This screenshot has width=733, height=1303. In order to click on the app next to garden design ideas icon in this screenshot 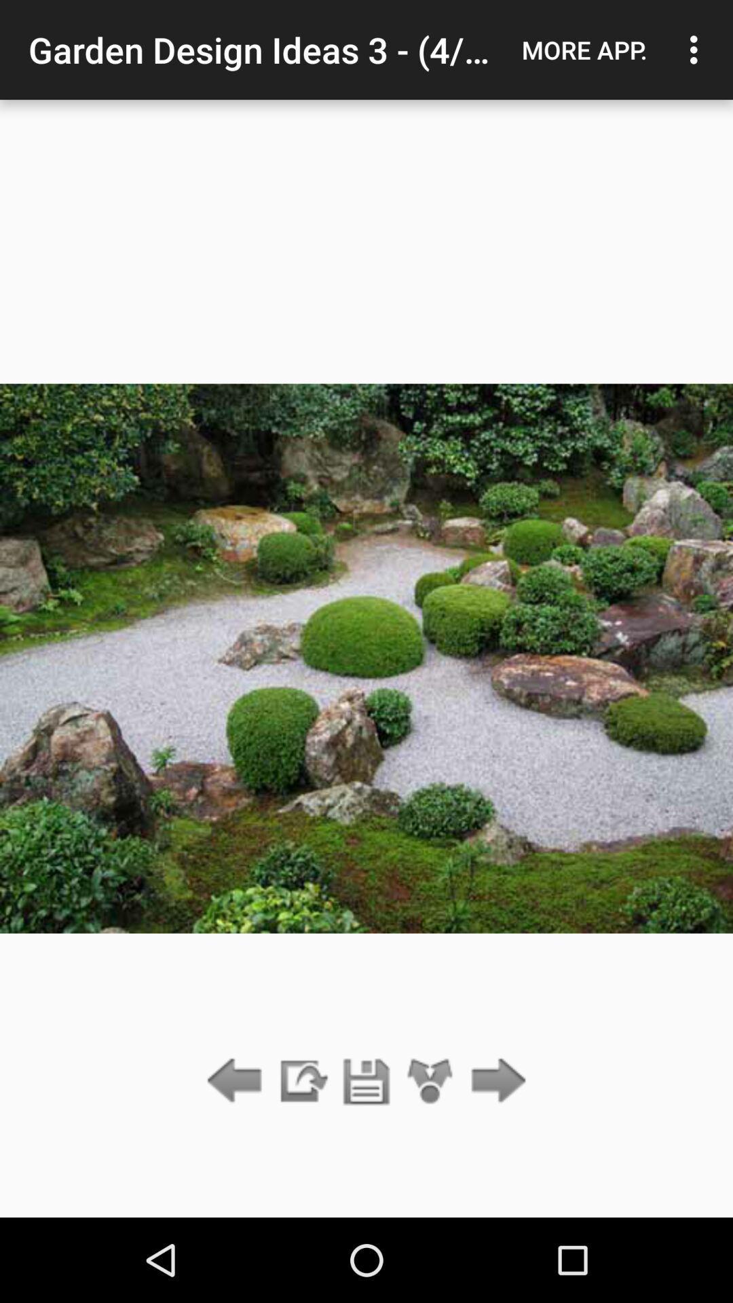, I will do `click(584, 50)`.